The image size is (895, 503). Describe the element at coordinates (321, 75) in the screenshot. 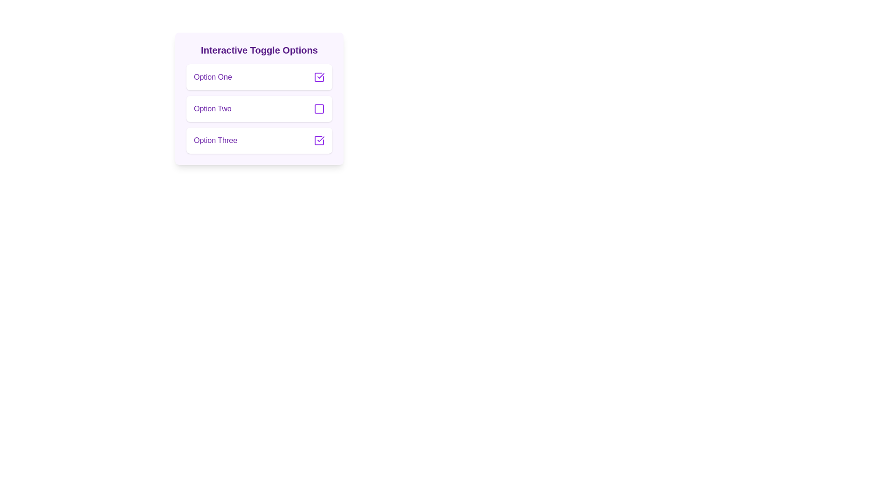

I see `the checkbox located beside the 'Option One' text` at that location.